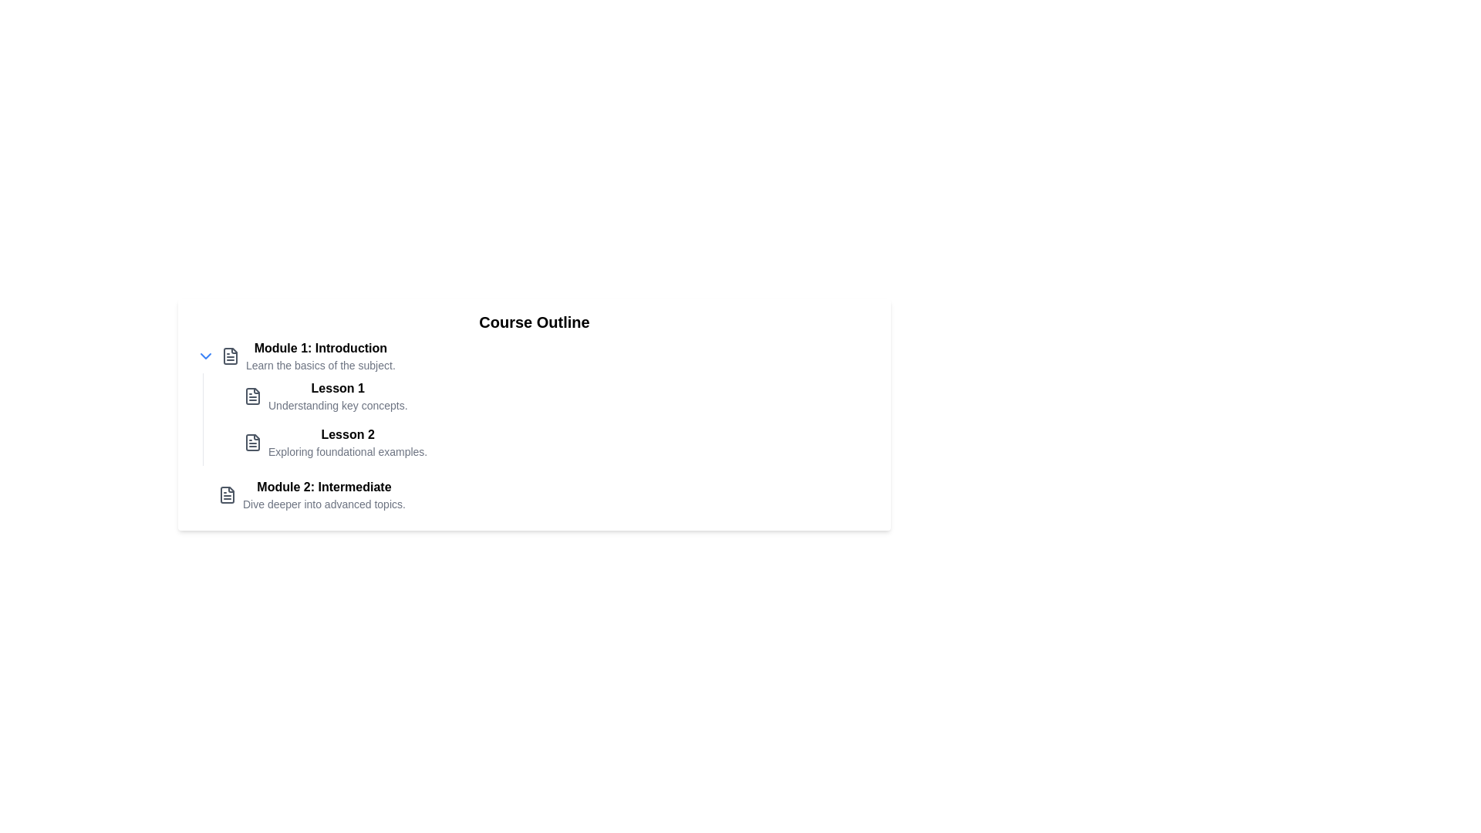 This screenshot has height=833, width=1481. What do you see at coordinates (229, 356) in the screenshot?
I see `the file icon located in the left sidebar associated with the 'Lesson 1' section heading` at bounding box center [229, 356].